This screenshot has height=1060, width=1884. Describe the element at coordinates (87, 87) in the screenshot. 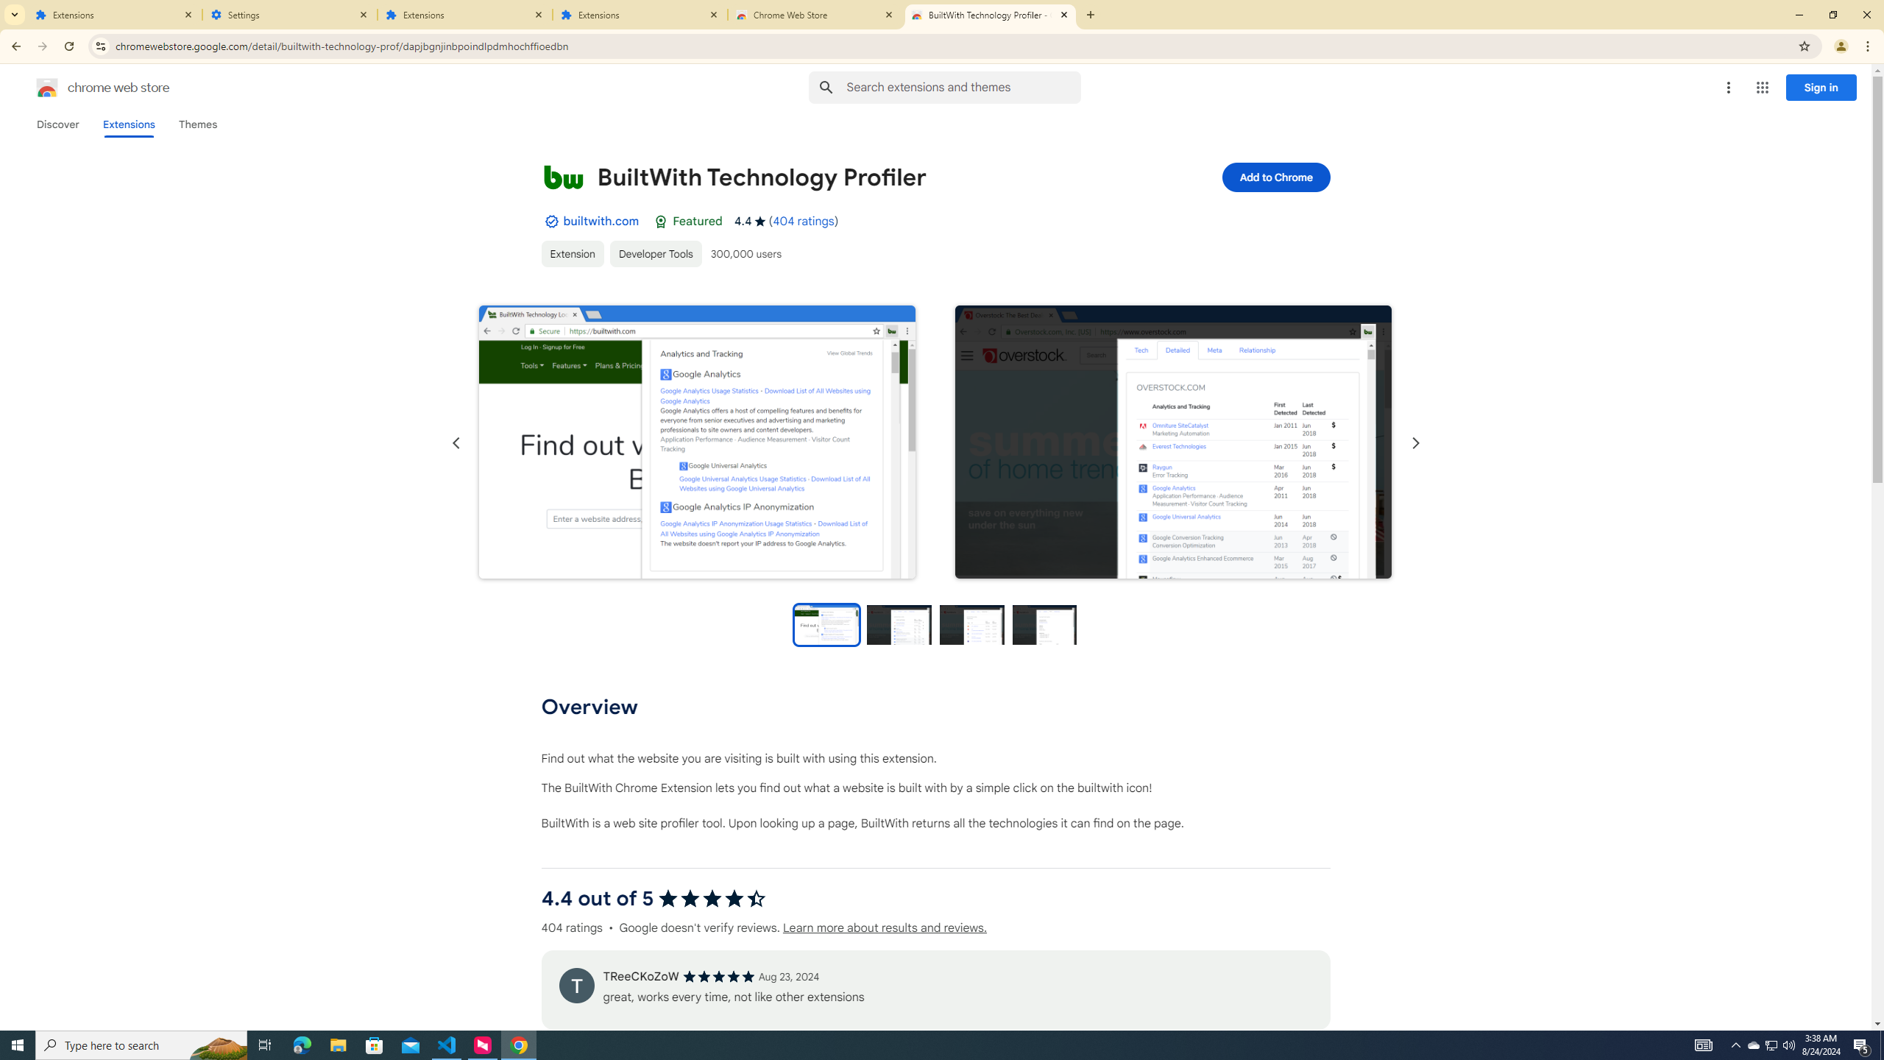

I see `'Chrome Web Store logo chrome web store'` at that location.